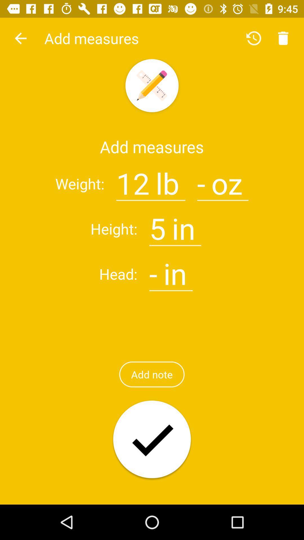 This screenshot has width=304, height=540. I want to click on choose to complete, so click(152, 440).